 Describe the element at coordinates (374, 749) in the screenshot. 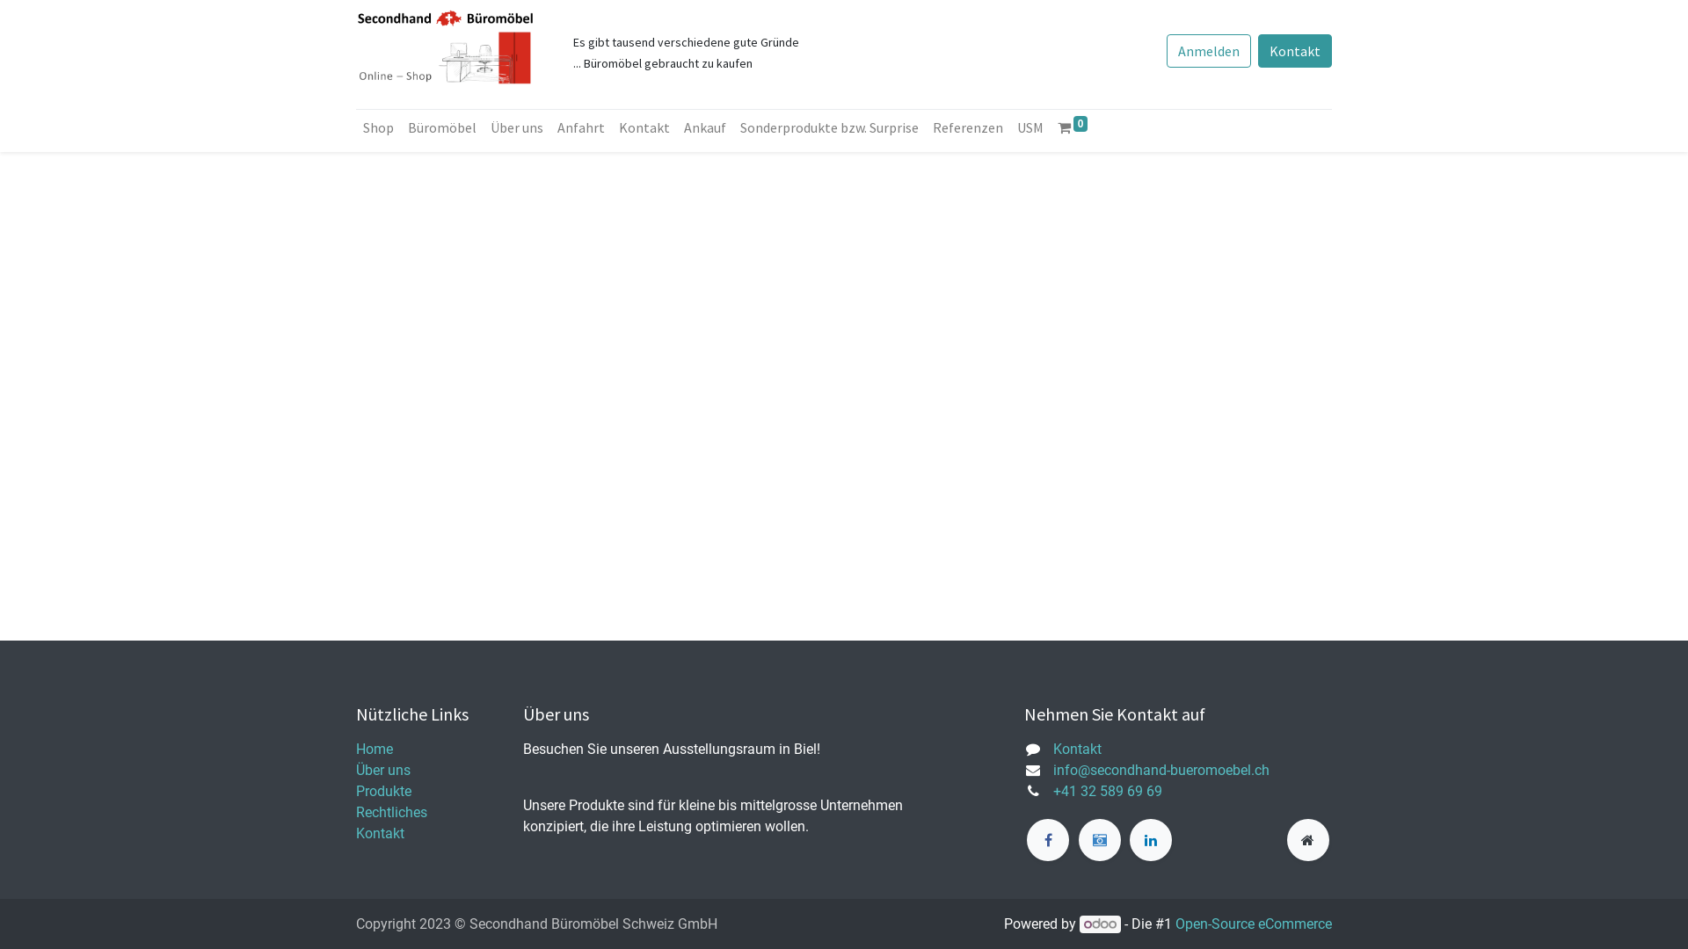

I see `'Home'` at that location.